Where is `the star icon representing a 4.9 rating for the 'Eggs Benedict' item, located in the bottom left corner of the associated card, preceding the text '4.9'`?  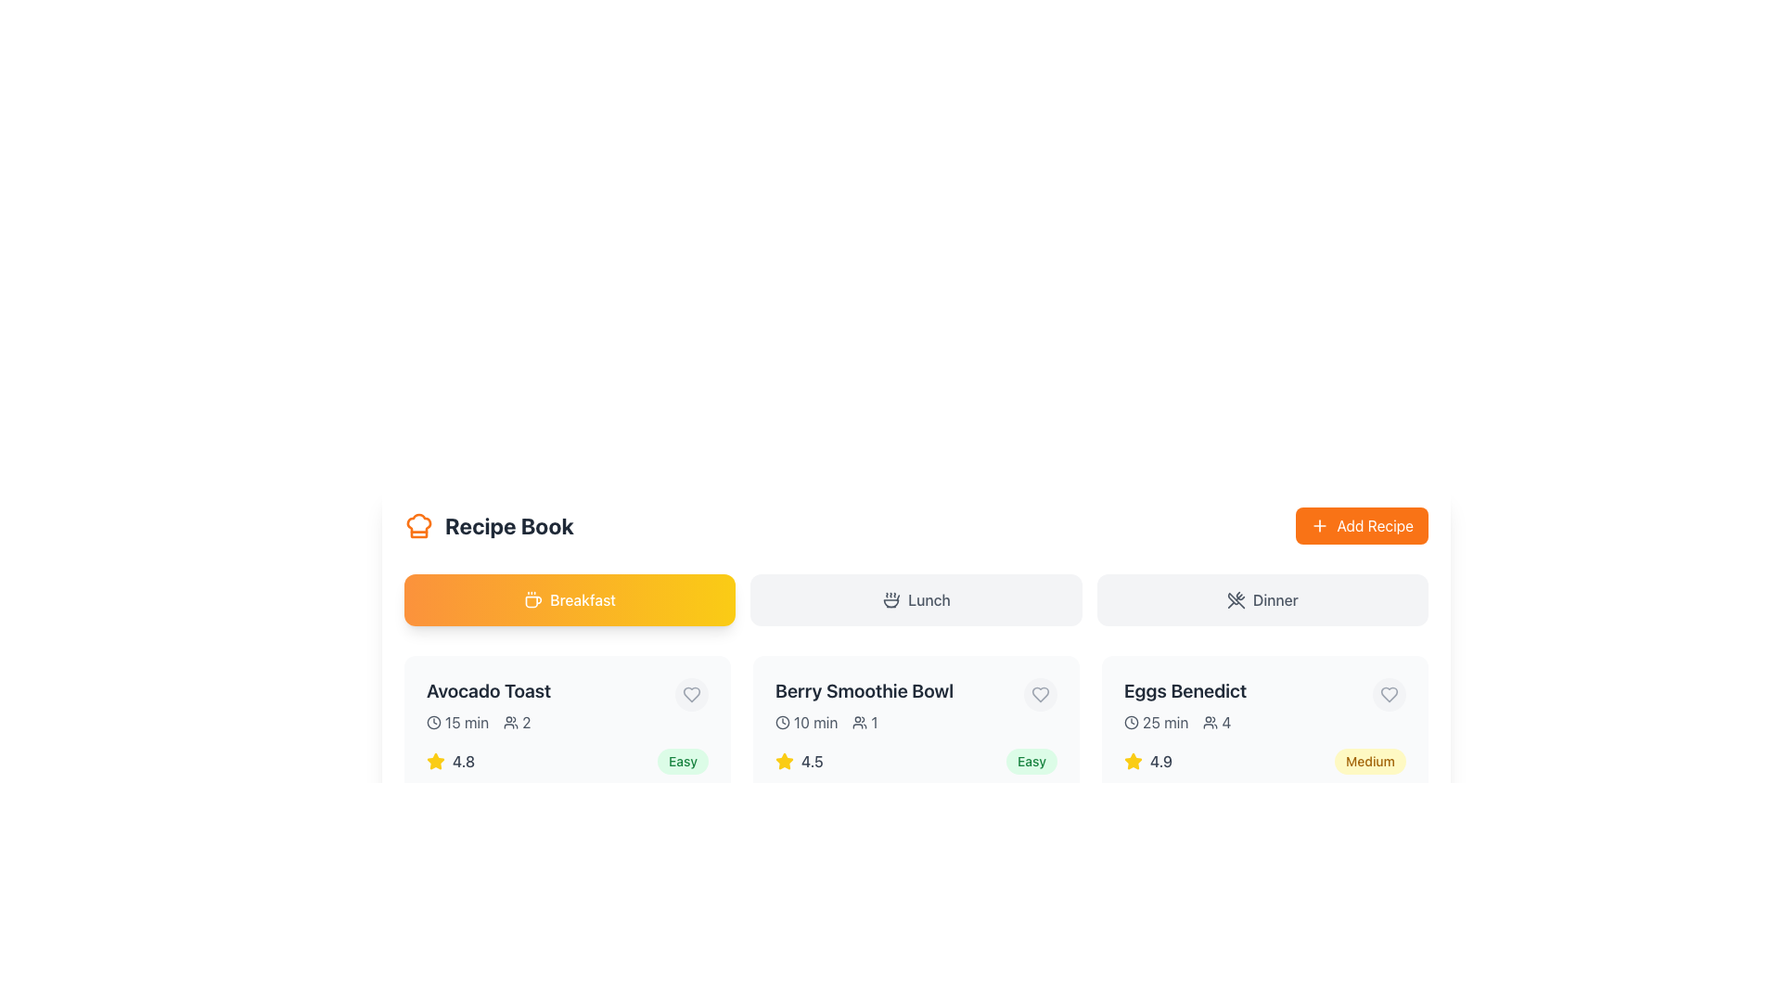 the star icon representing a 4.9 rating for the 'Eggs Benedict' item, located in the bottom left corner of the associated card, preceding the text '4.9' is located at coordinates (1133, 762).